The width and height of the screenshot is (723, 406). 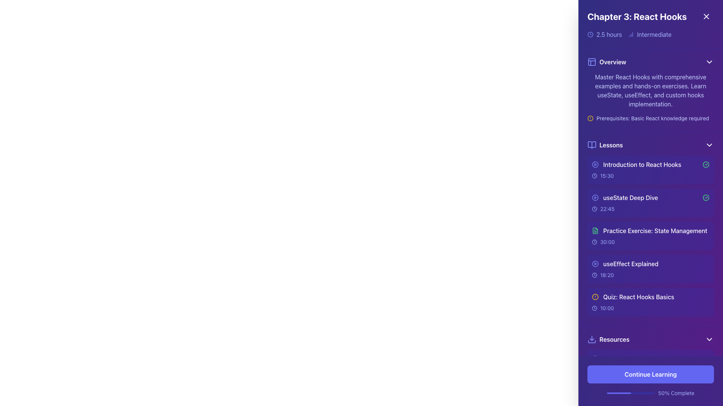 I want to click on the 'useEffect Explained' button-like list item, so click(x=625, y=264).